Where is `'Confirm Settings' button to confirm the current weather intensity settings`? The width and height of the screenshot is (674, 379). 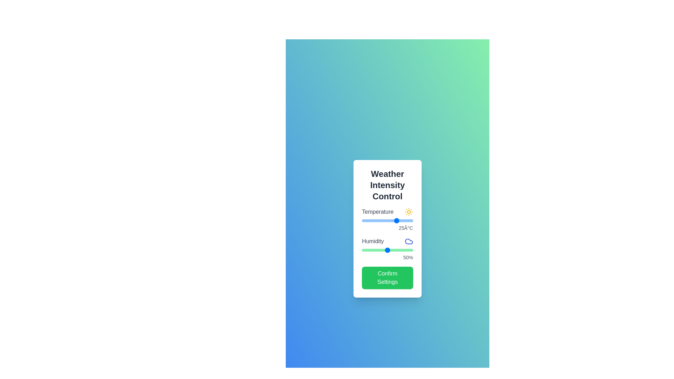
'Confirm Settings' button to confirm the current weather intensity settings is located at coordinates (387, 277).